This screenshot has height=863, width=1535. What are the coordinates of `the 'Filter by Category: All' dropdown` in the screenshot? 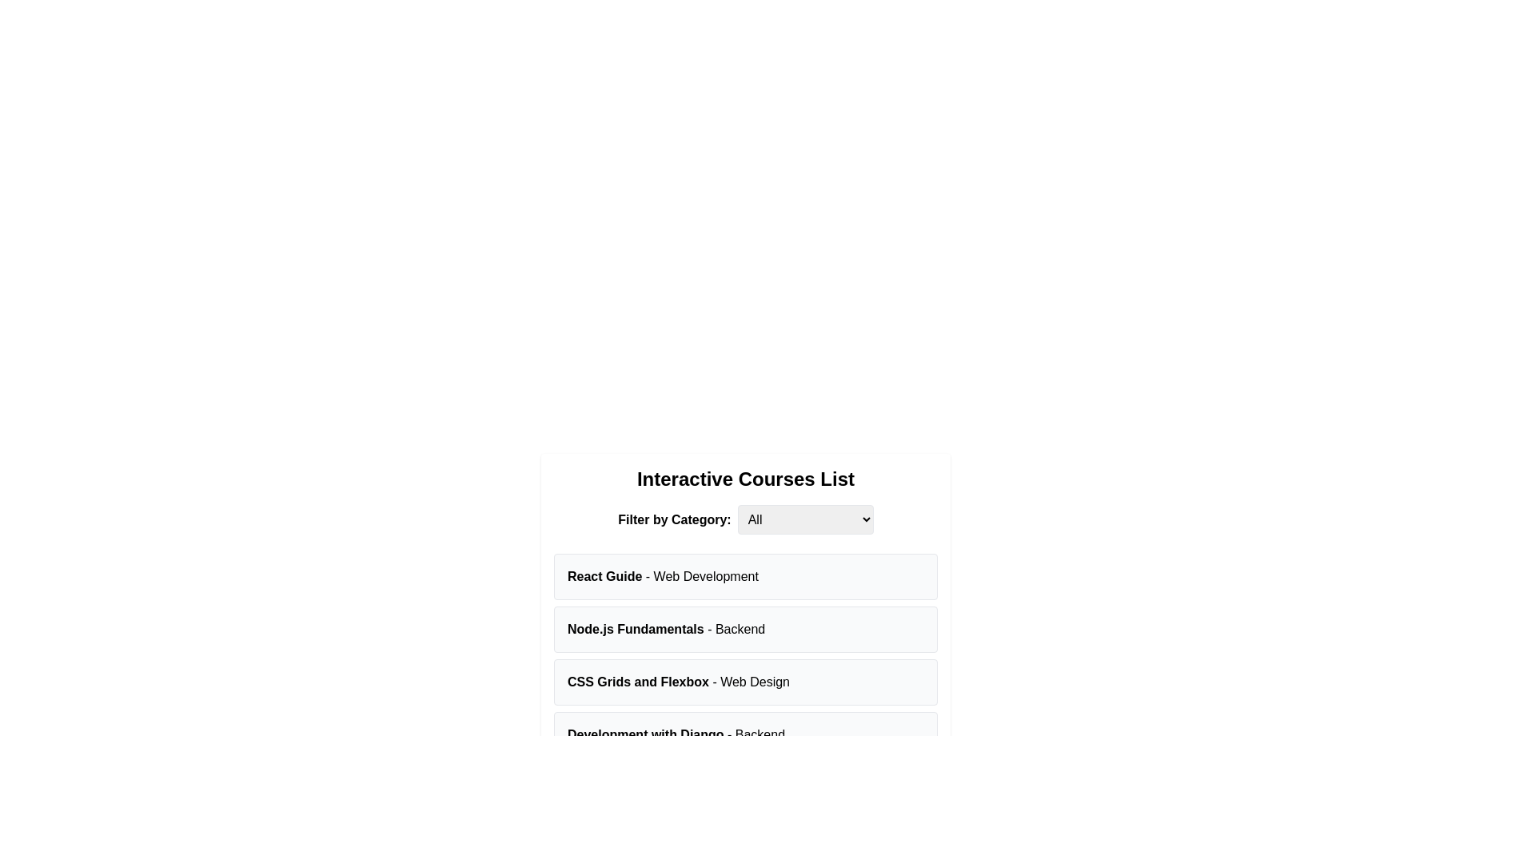 It's located at (744, 519).